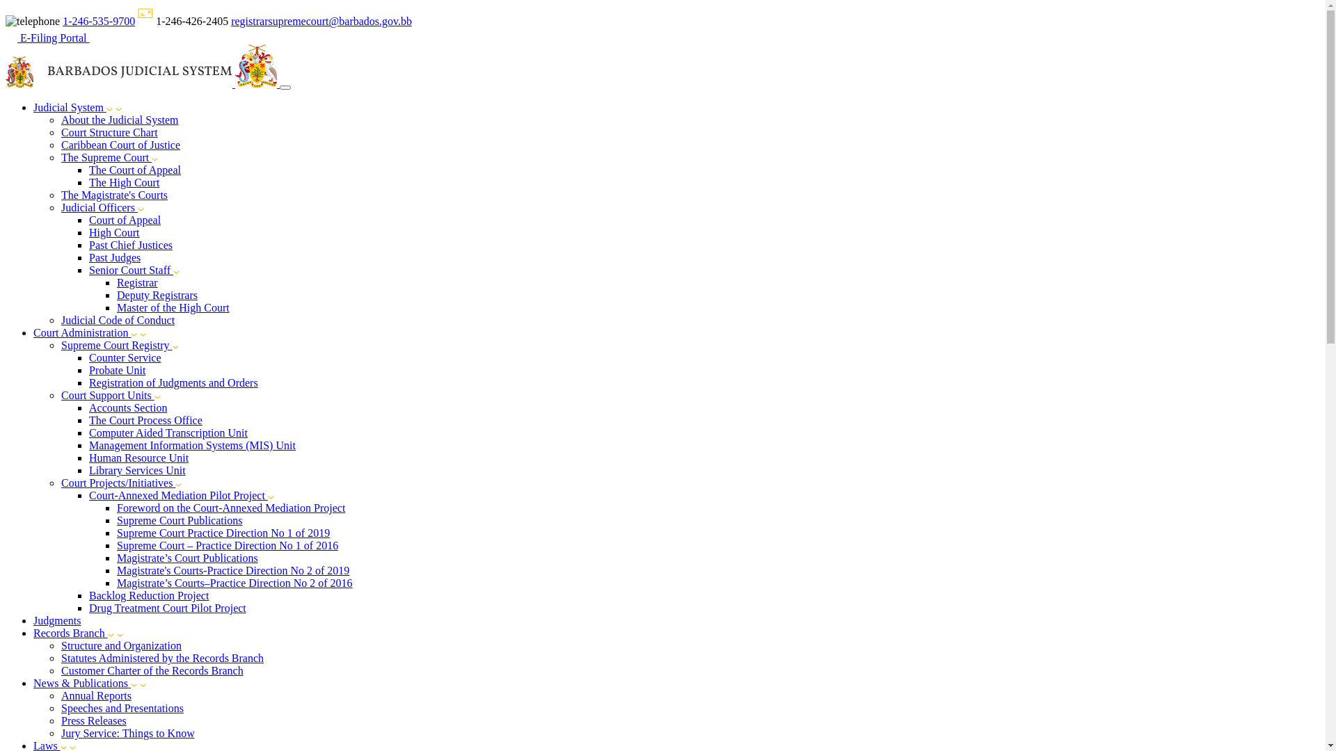 Image resolution: width=1336 pixels, height=751 pixels. What do you see at coordinates (230, 508) in the screenshot?
I see `'Foreword on the Court-Annexed Mediation Project'` at bounding box center [230, 508].